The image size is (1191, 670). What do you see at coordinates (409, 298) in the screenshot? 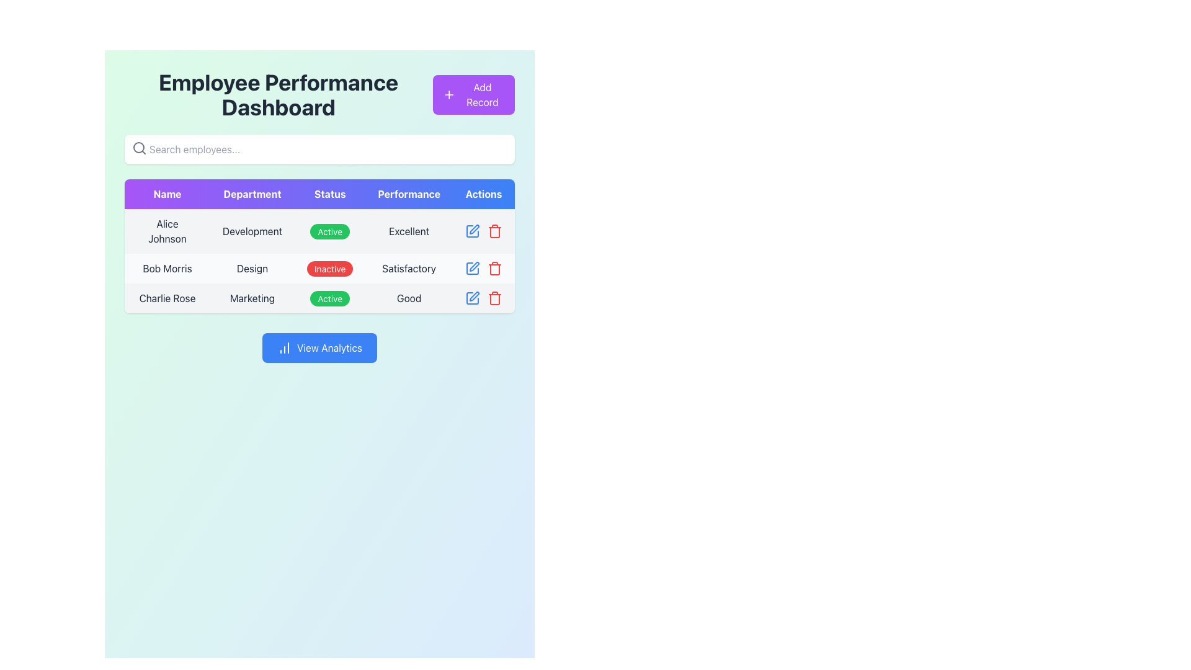
I see `the performance status text label for 'Charlie Rose', located in the fourth column of the third row in the data table` at bounding box center [409, 298].